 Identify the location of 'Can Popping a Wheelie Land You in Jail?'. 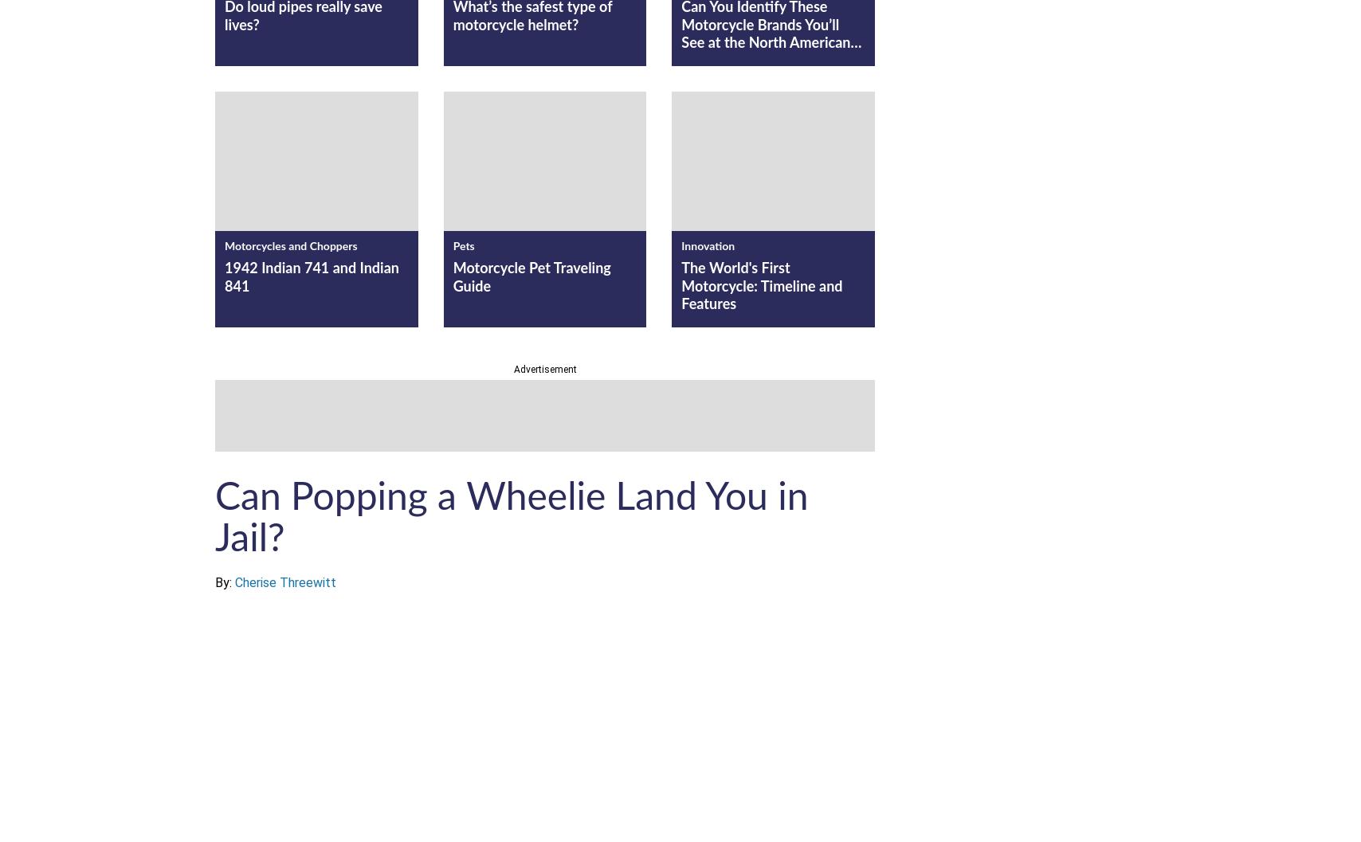
(512, 518).